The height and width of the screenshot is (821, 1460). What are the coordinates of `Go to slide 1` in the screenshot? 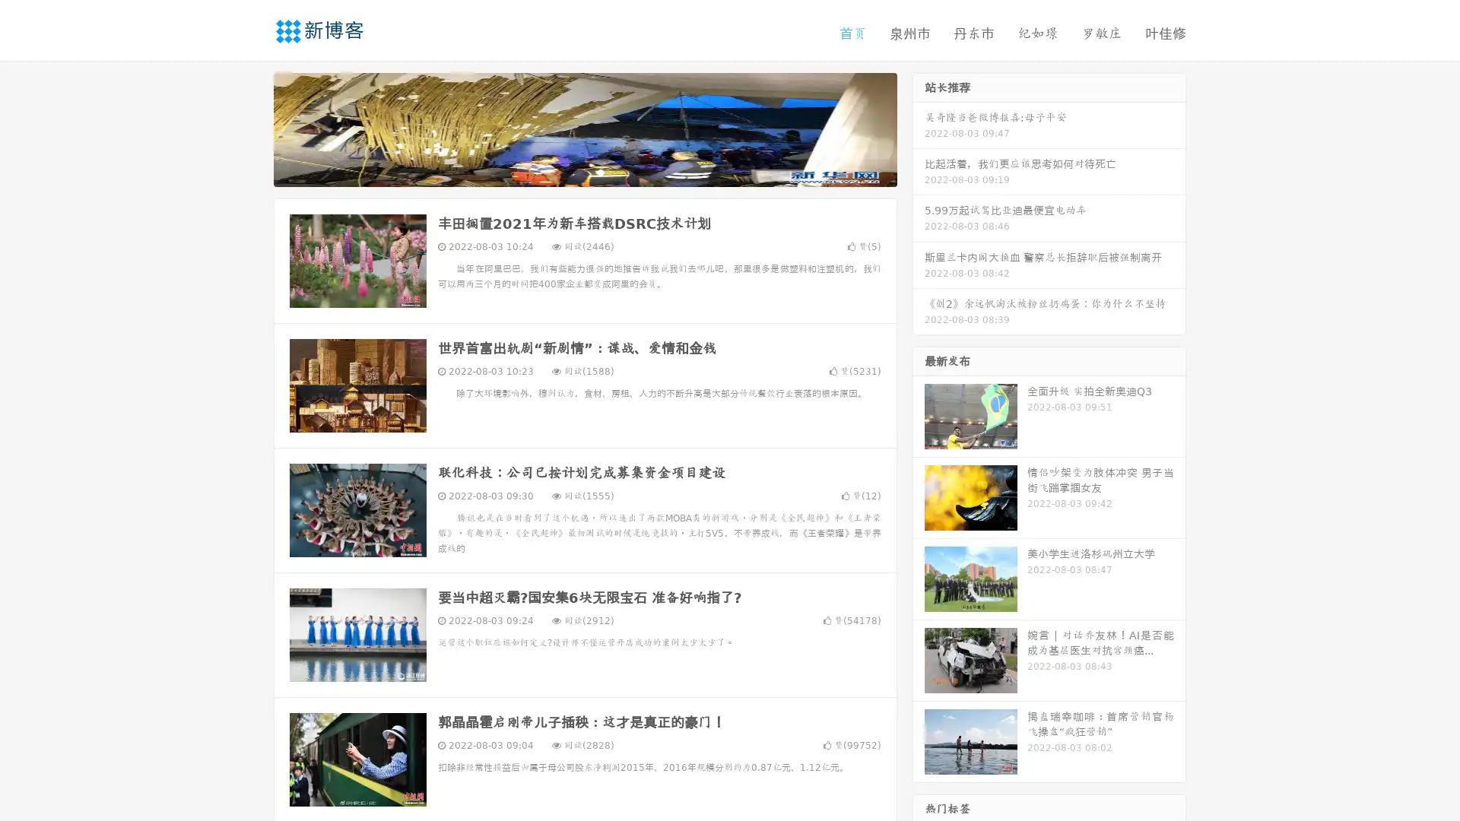 It's located at (569, 171).